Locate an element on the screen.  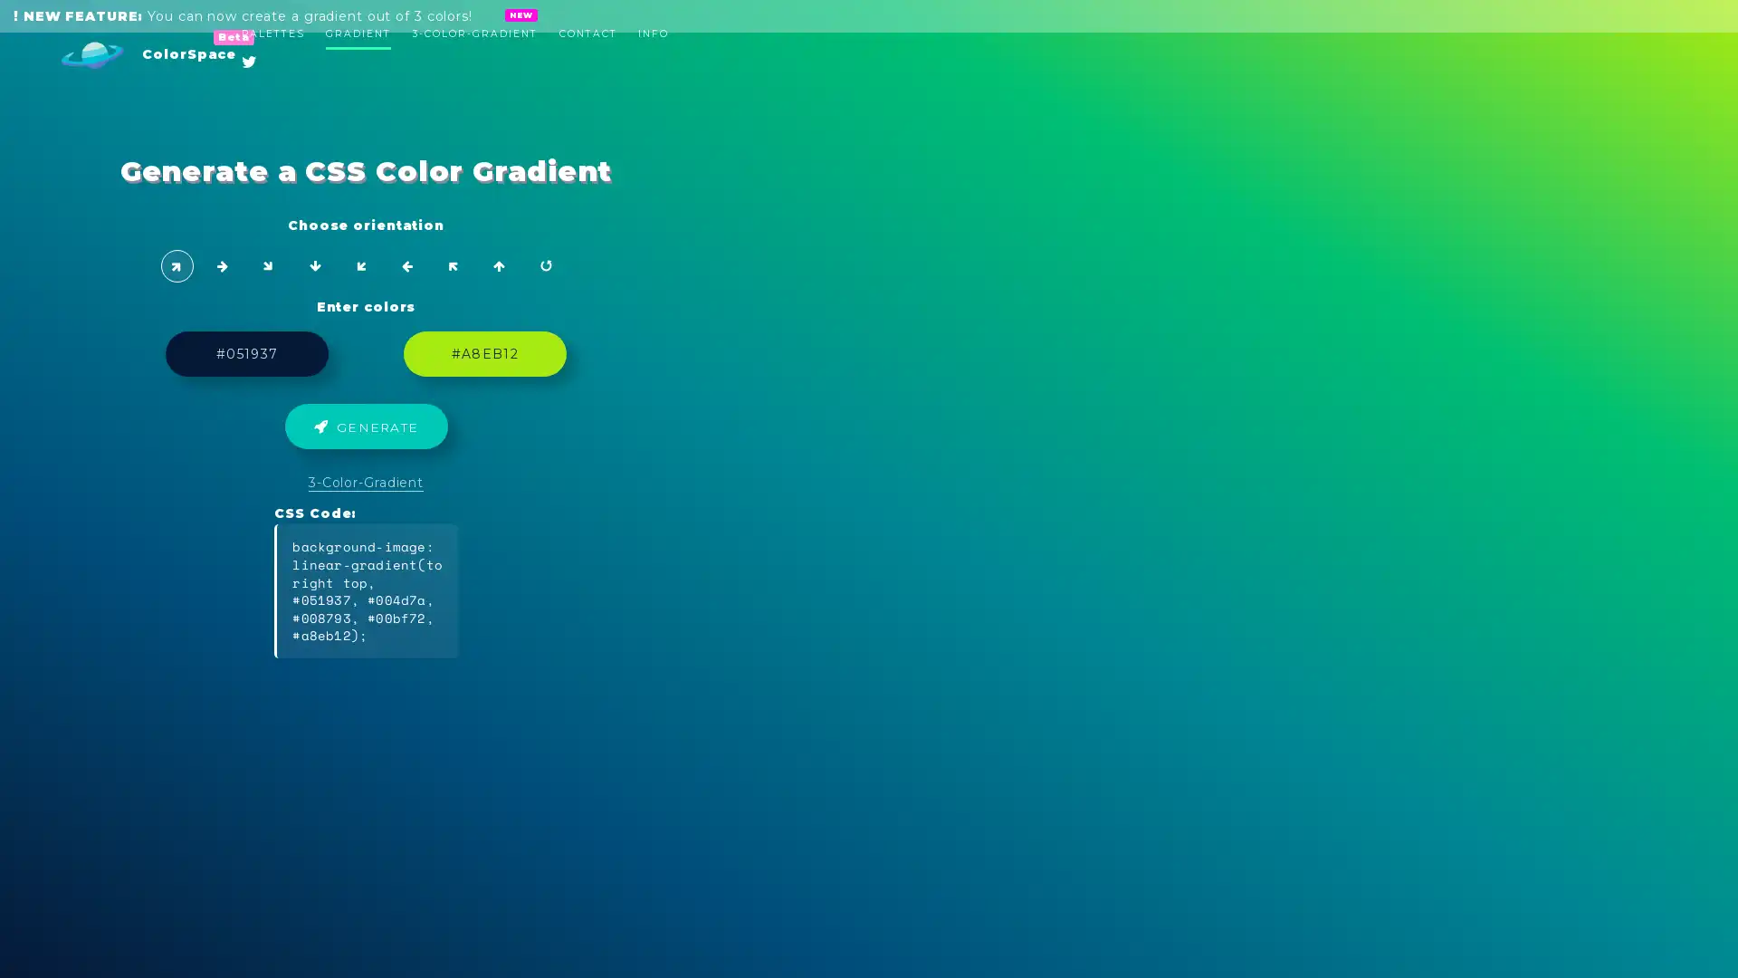
GENERATE is located at coordinates (869, 434).